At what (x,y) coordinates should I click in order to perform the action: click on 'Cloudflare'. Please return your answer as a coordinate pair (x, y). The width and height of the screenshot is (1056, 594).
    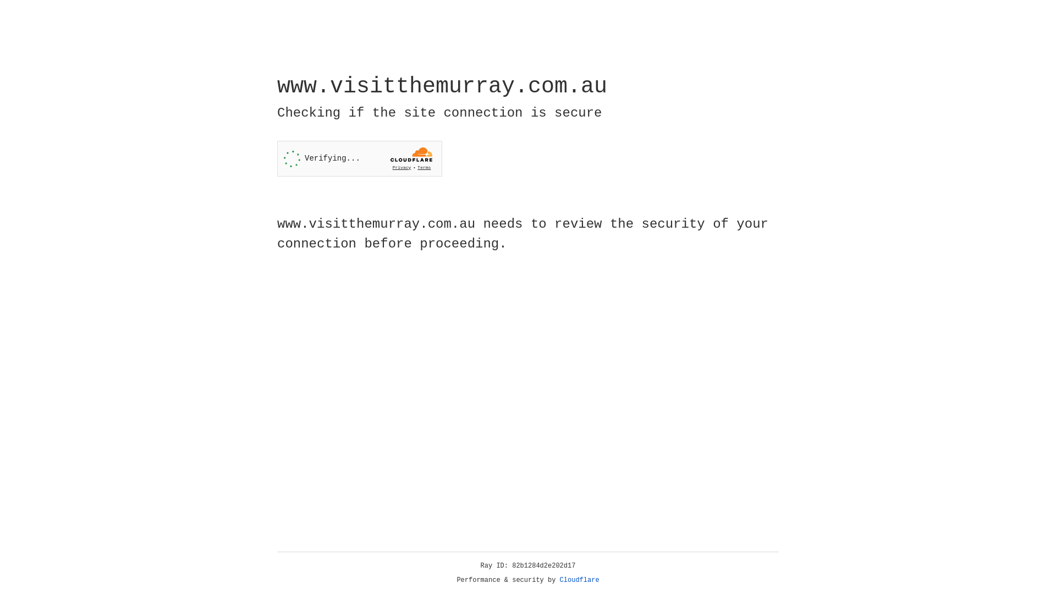
    Looking at the image, I should click on (579, 580).